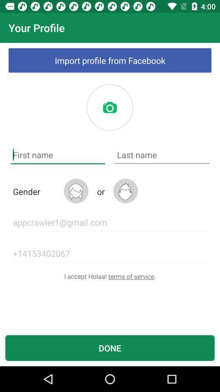 The height and width of the screenshot is (392, 220). What do you see at coordinates (110, 223) in the screenshot?
I see `the item above the +14153402067 icon` at bounding box center [110, 223].